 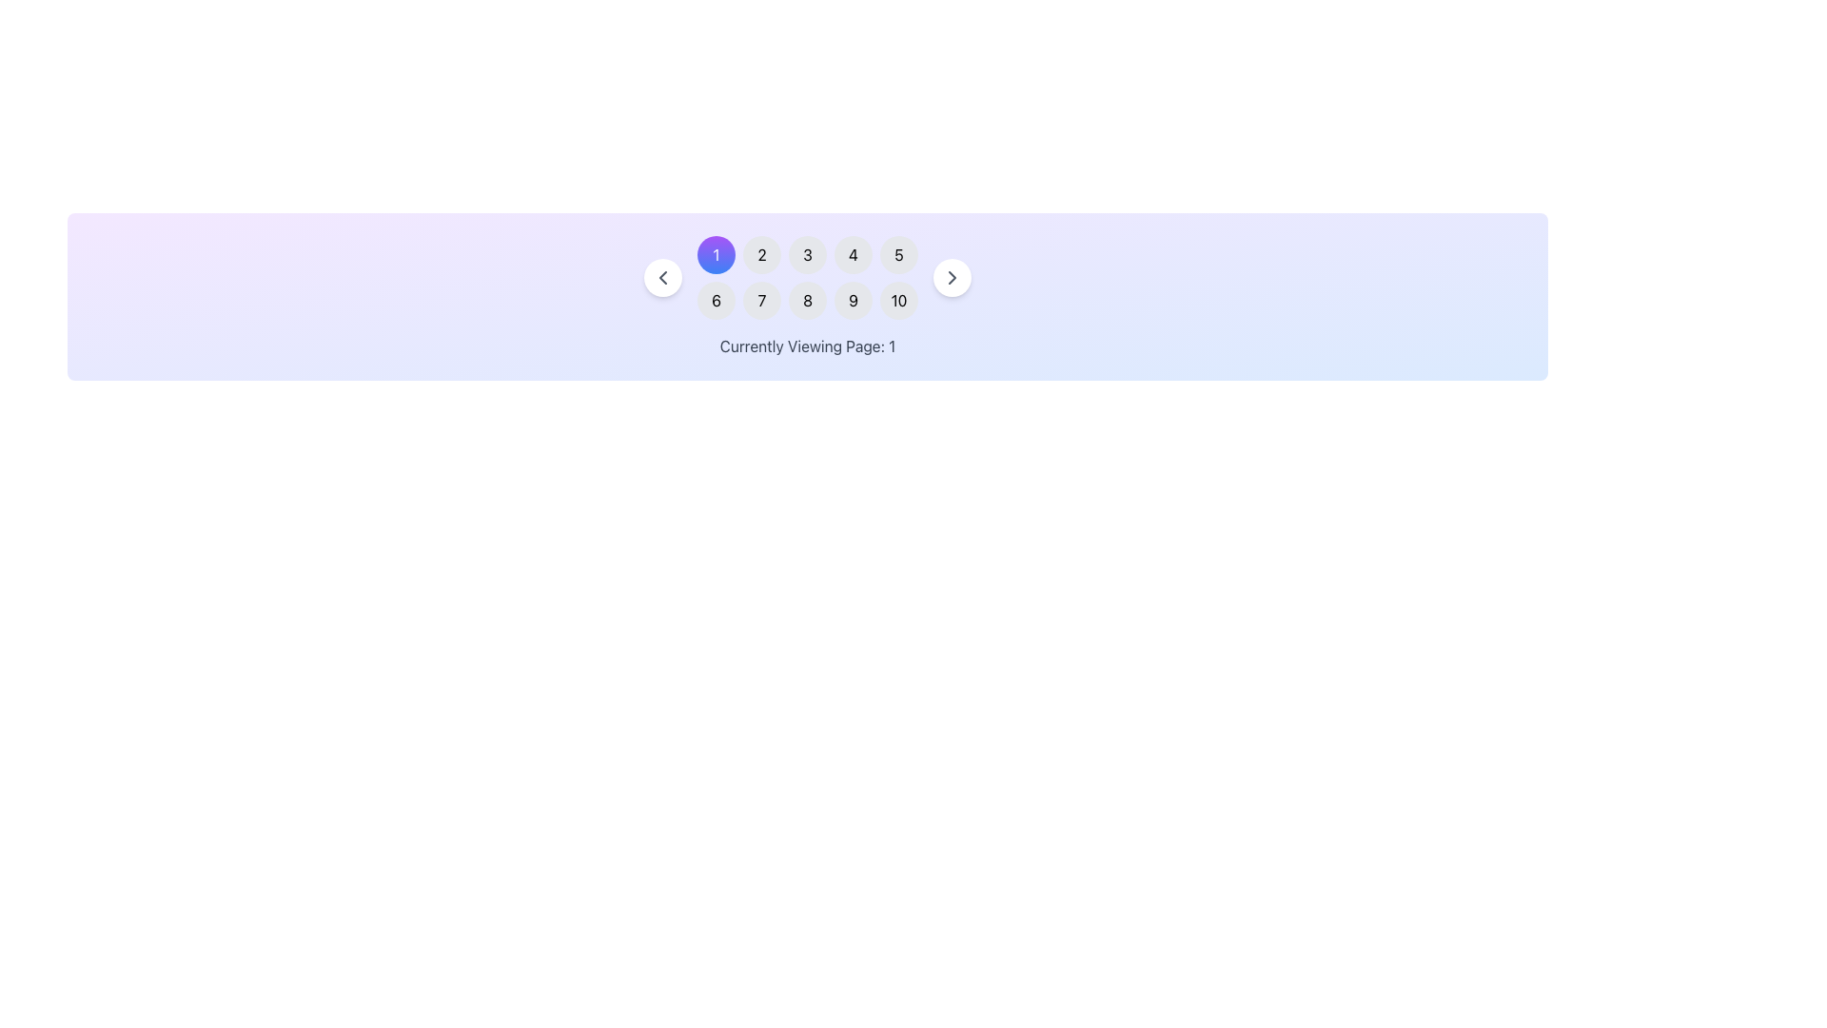 I want to click on the rightward-pointing chevron icon within the circular button located in the pagination control section, so click(x=953, y=278).